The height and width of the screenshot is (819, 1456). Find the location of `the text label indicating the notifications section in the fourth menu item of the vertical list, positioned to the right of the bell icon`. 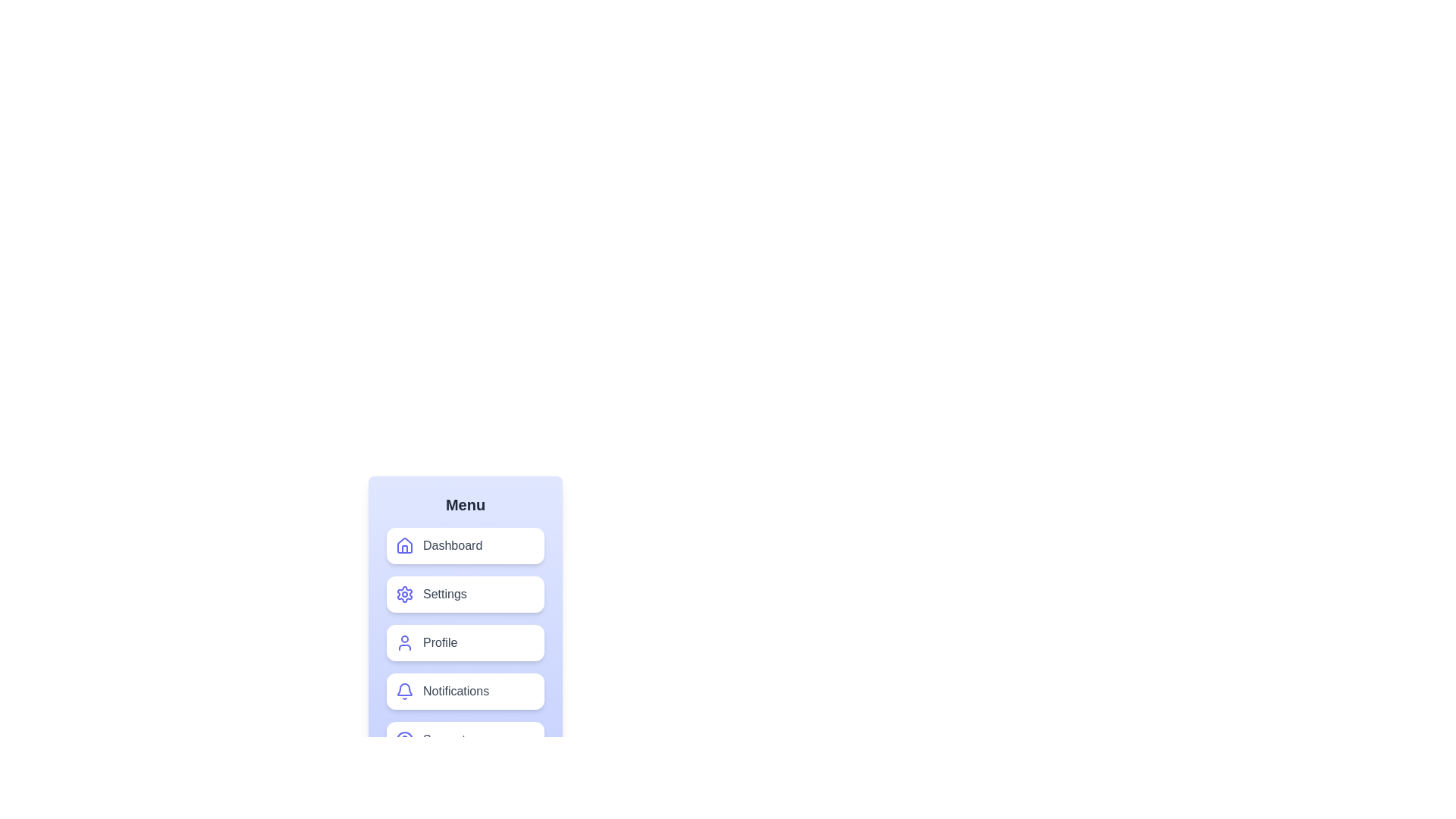

the text label indicating the notifications section in the fourth menu item of the vertical list, positioned to the right of the bell icon is located at coordinates (455, 691).